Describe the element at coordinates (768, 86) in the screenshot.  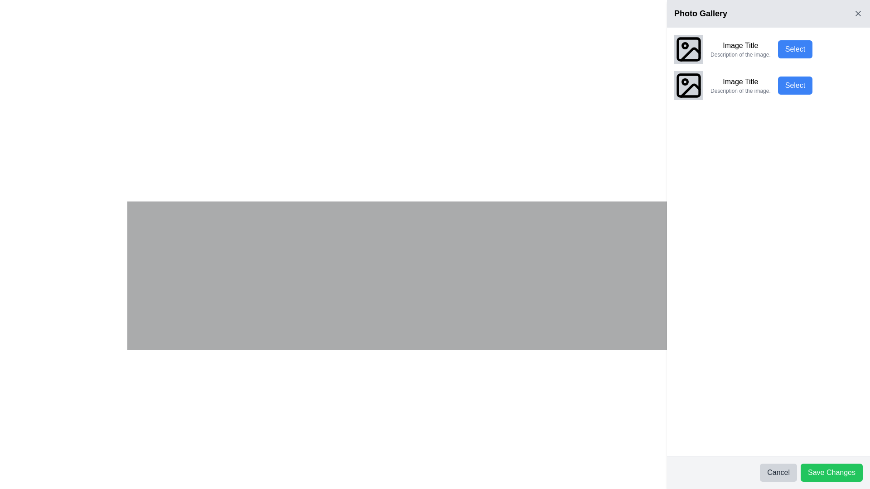
I see `the 'Select' button on the second card in the photo gallery interface, which features an image on the left, stacked text, and a contrasting blue button on the right` at that location.